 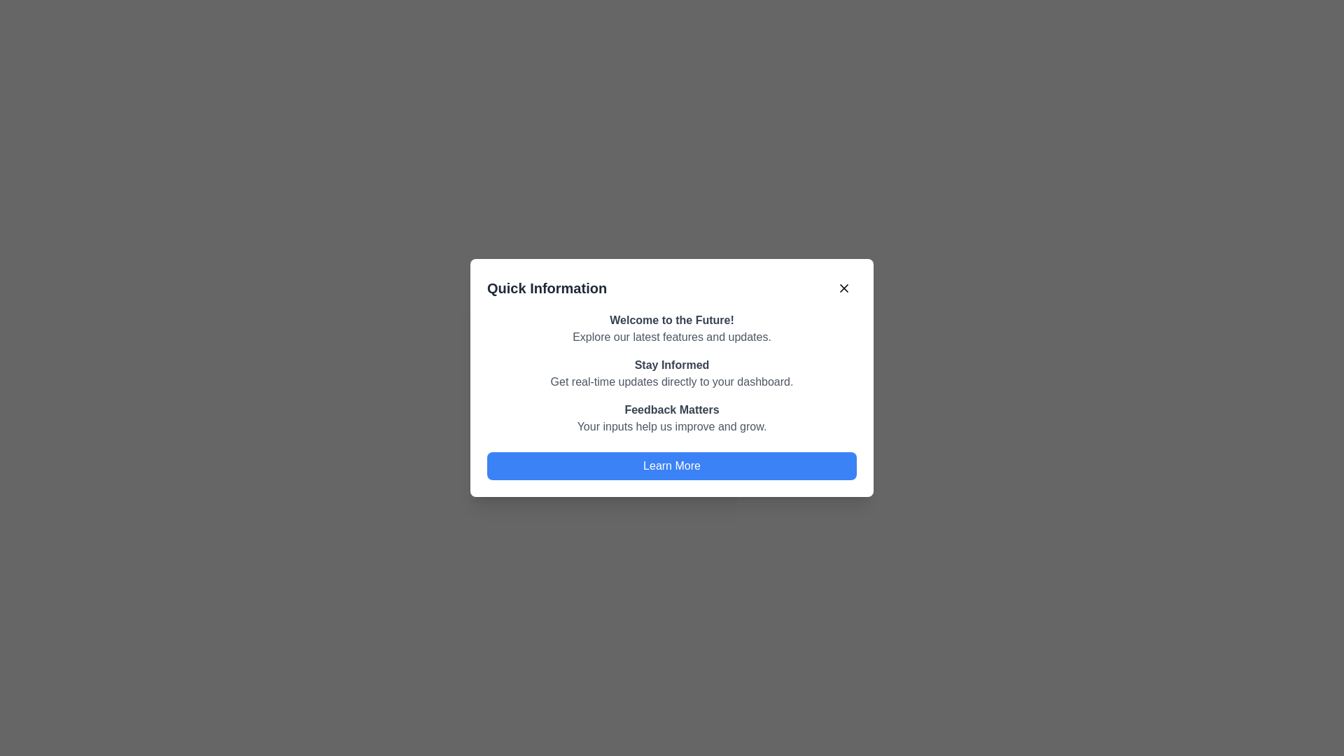 What do you see at coordinates (672, 321) in the screenshot?
I see `the bold, centered heading text 'Welcome to the Future!' located in the modal window under 'Quick Information'` at bounding box center [672, 321].